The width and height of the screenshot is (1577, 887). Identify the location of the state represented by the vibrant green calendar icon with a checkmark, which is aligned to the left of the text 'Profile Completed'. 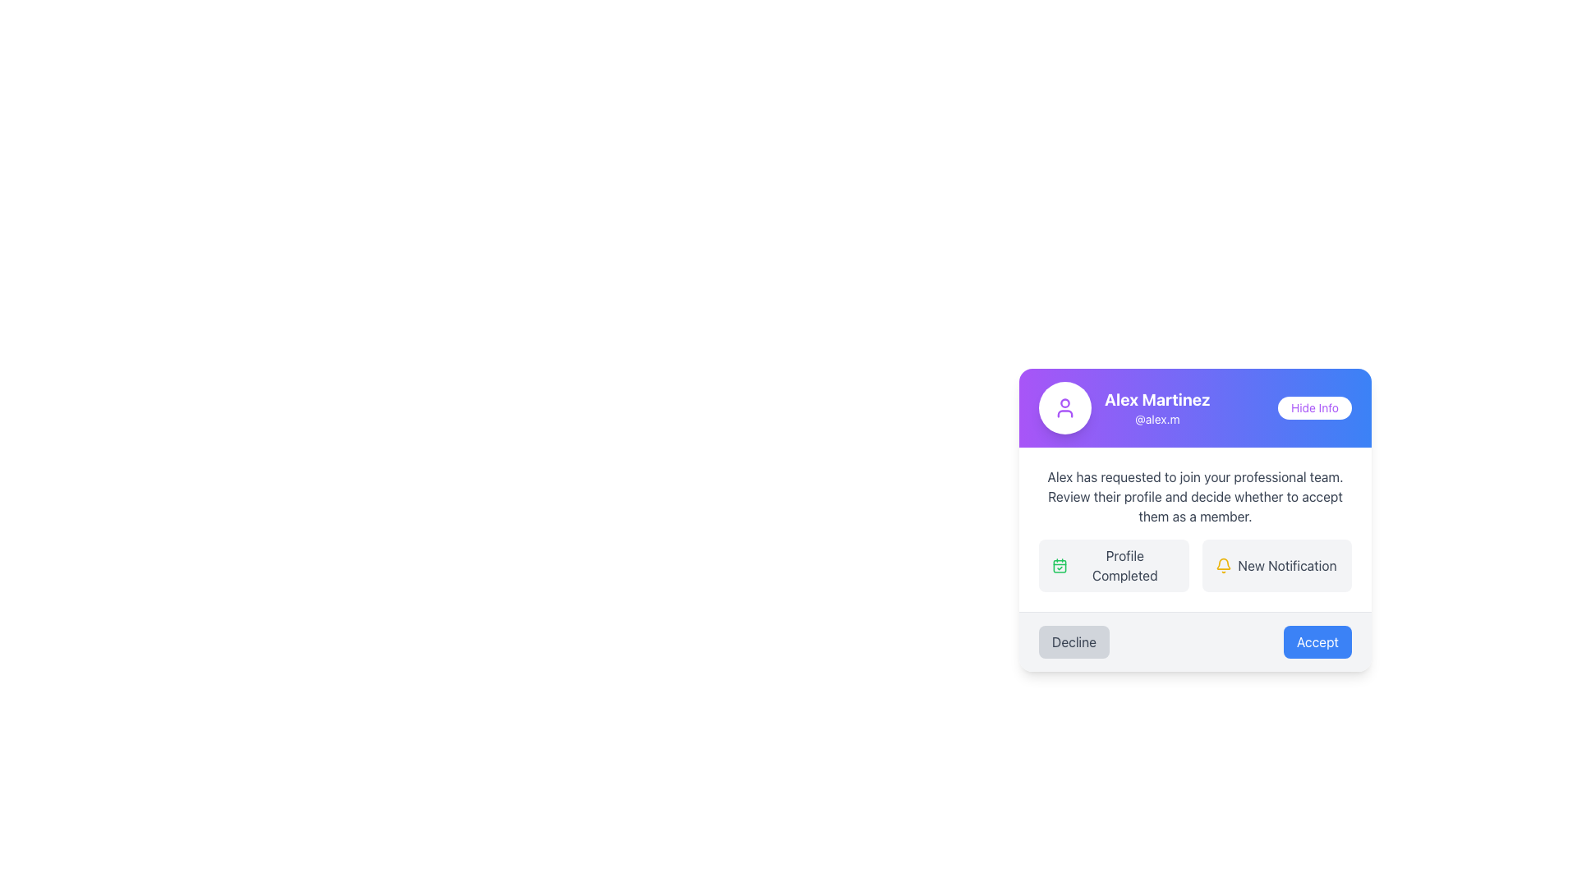
(1060, 565).